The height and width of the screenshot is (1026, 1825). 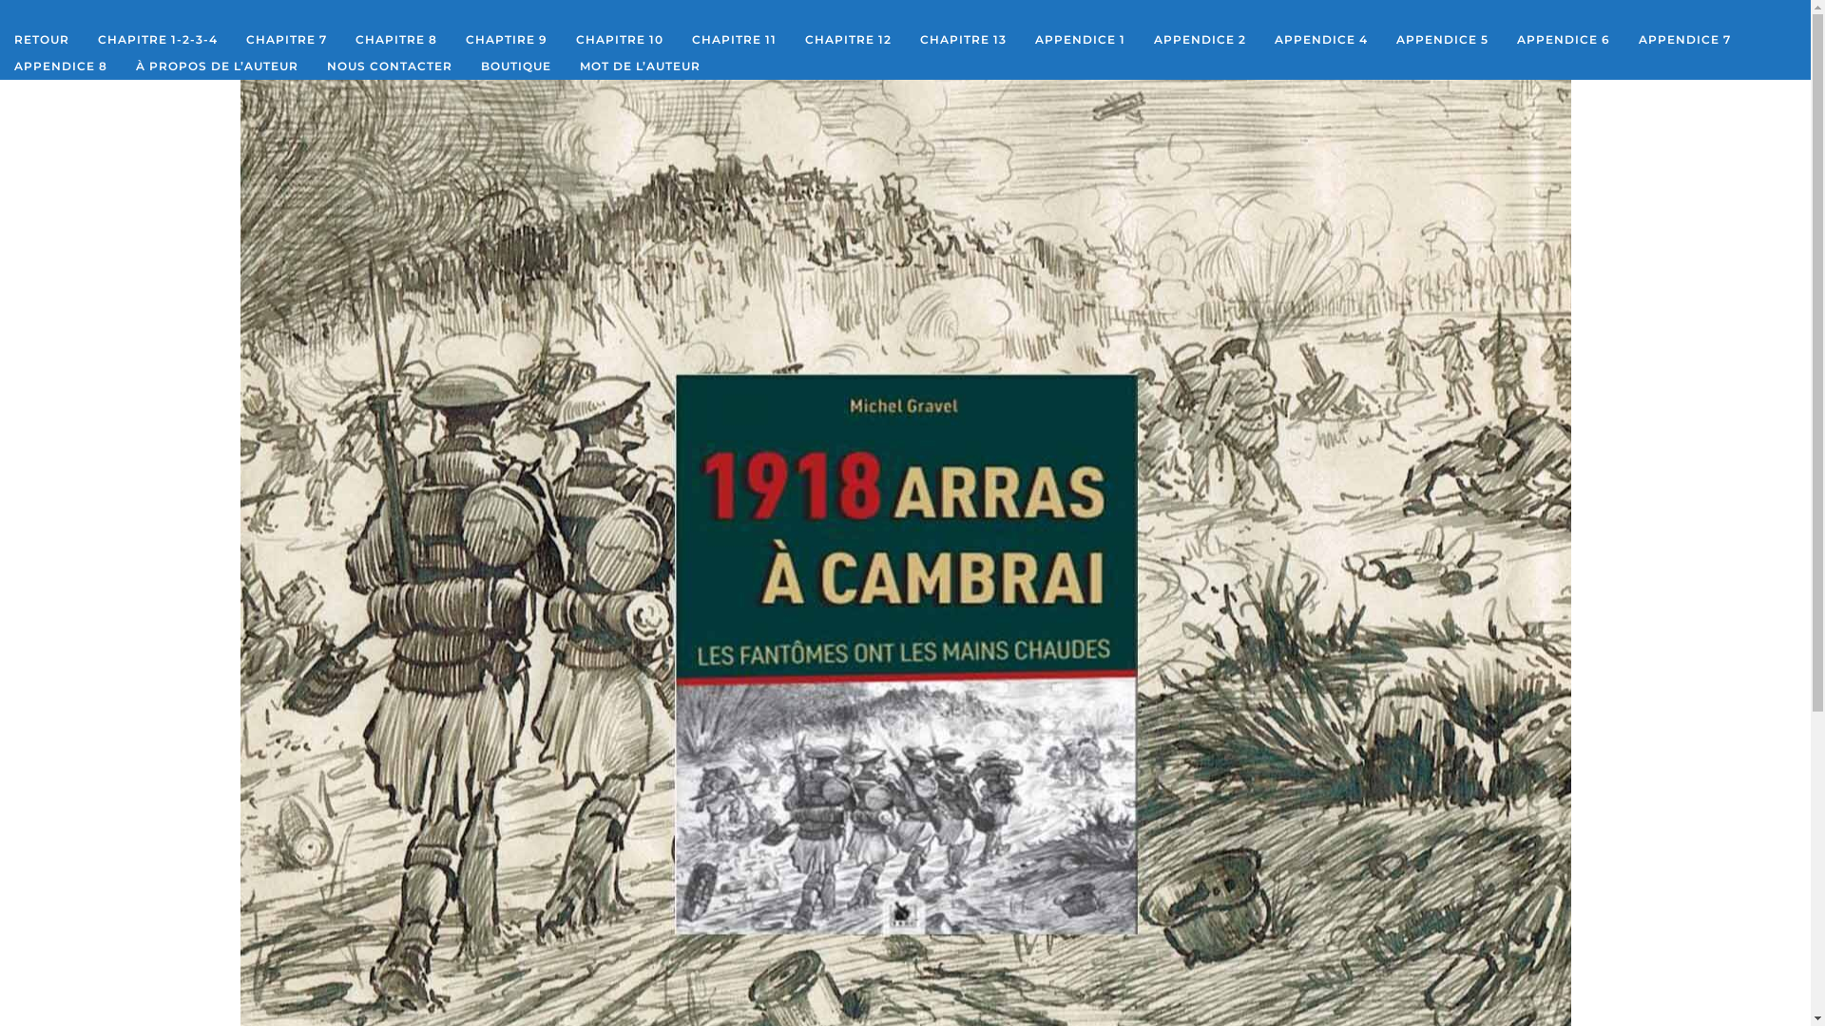 I want to click on 'CHAPITRE 10', so click(x=620, y=40).